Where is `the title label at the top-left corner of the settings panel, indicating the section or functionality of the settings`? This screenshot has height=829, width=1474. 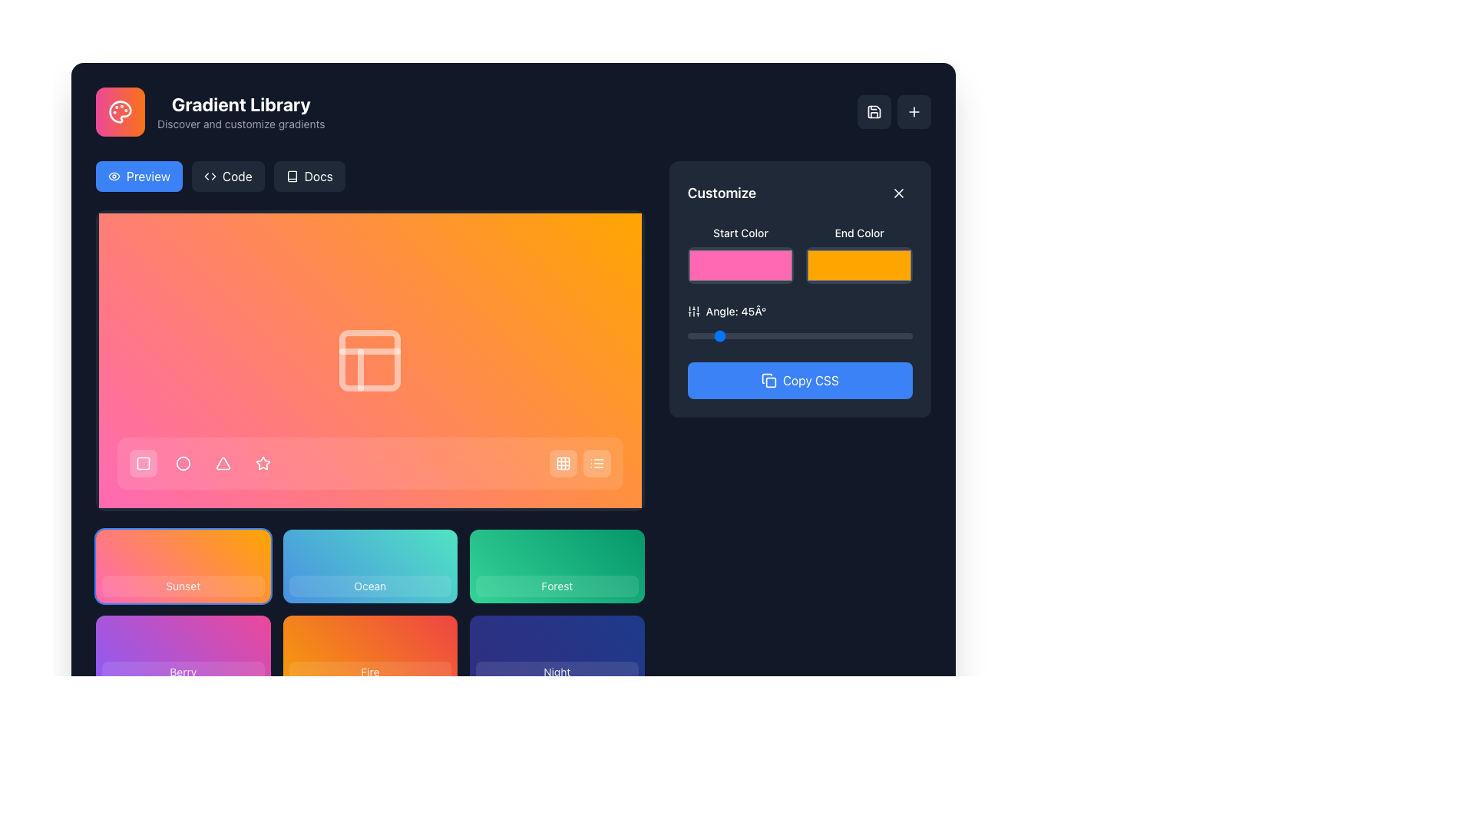
the title label at the top-left corner of the settings panel, indicating the section or functionality of the settings is located at coordinates (721, 192).